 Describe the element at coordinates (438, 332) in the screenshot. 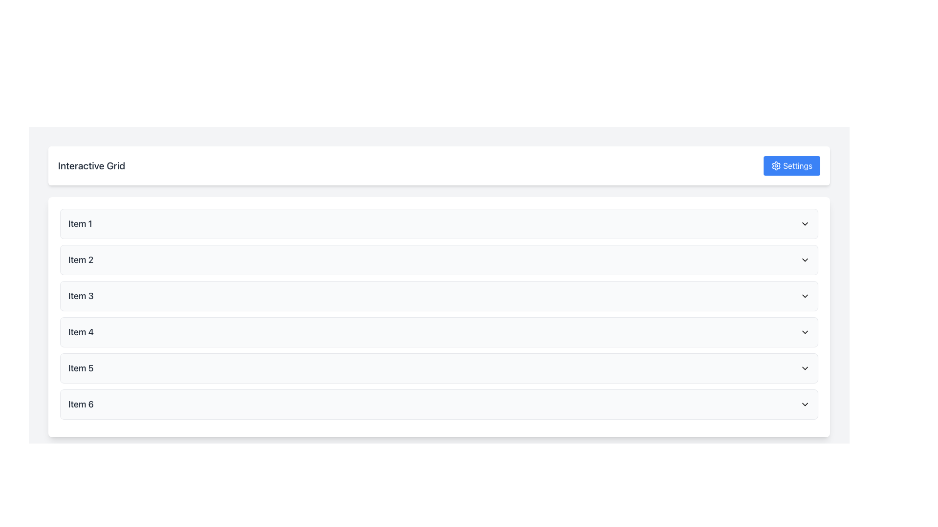

I see `the fourth list item, which is expandable and positioned between 'Item 3' and 'Item 5'` at that location.